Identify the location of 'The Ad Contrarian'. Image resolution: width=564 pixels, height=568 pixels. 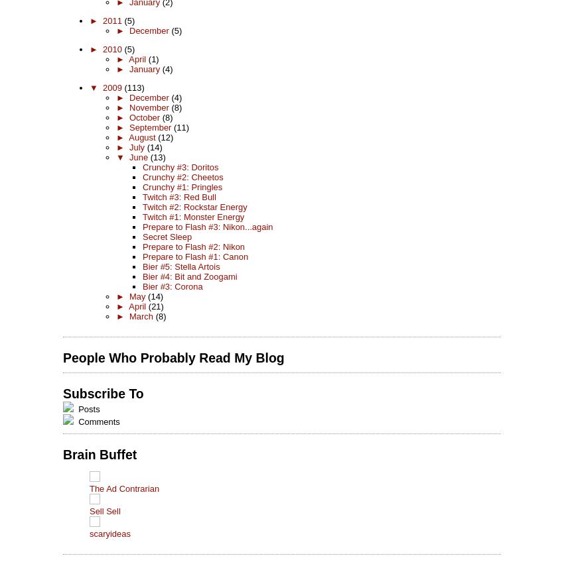
(123, 488).